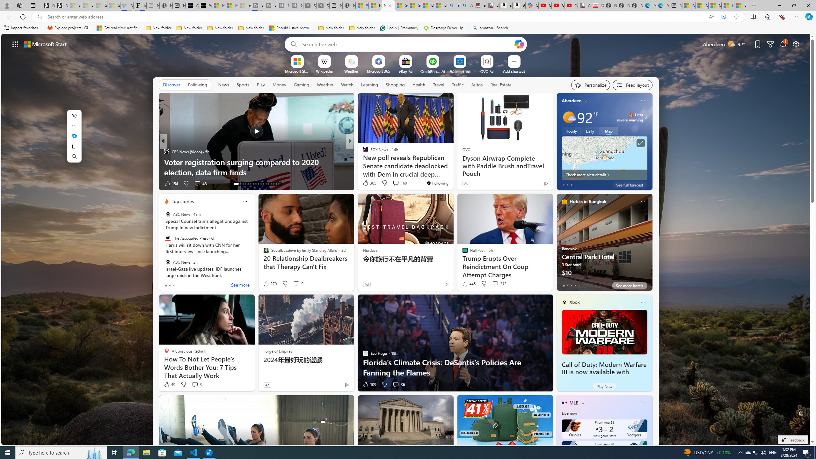  I want to click on 'X - Sleeping', so click(322, 5).